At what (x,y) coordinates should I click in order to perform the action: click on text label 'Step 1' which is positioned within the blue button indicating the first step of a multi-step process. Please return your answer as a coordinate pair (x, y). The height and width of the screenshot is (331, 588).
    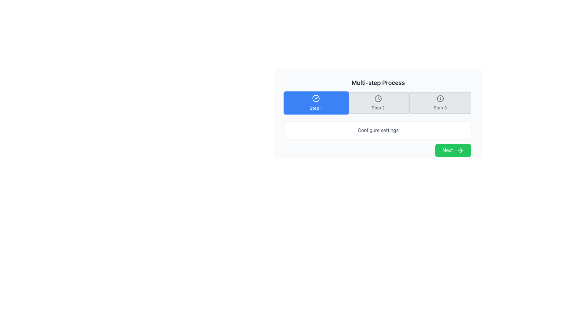
    Looking at the image, I should click on (316, 108).